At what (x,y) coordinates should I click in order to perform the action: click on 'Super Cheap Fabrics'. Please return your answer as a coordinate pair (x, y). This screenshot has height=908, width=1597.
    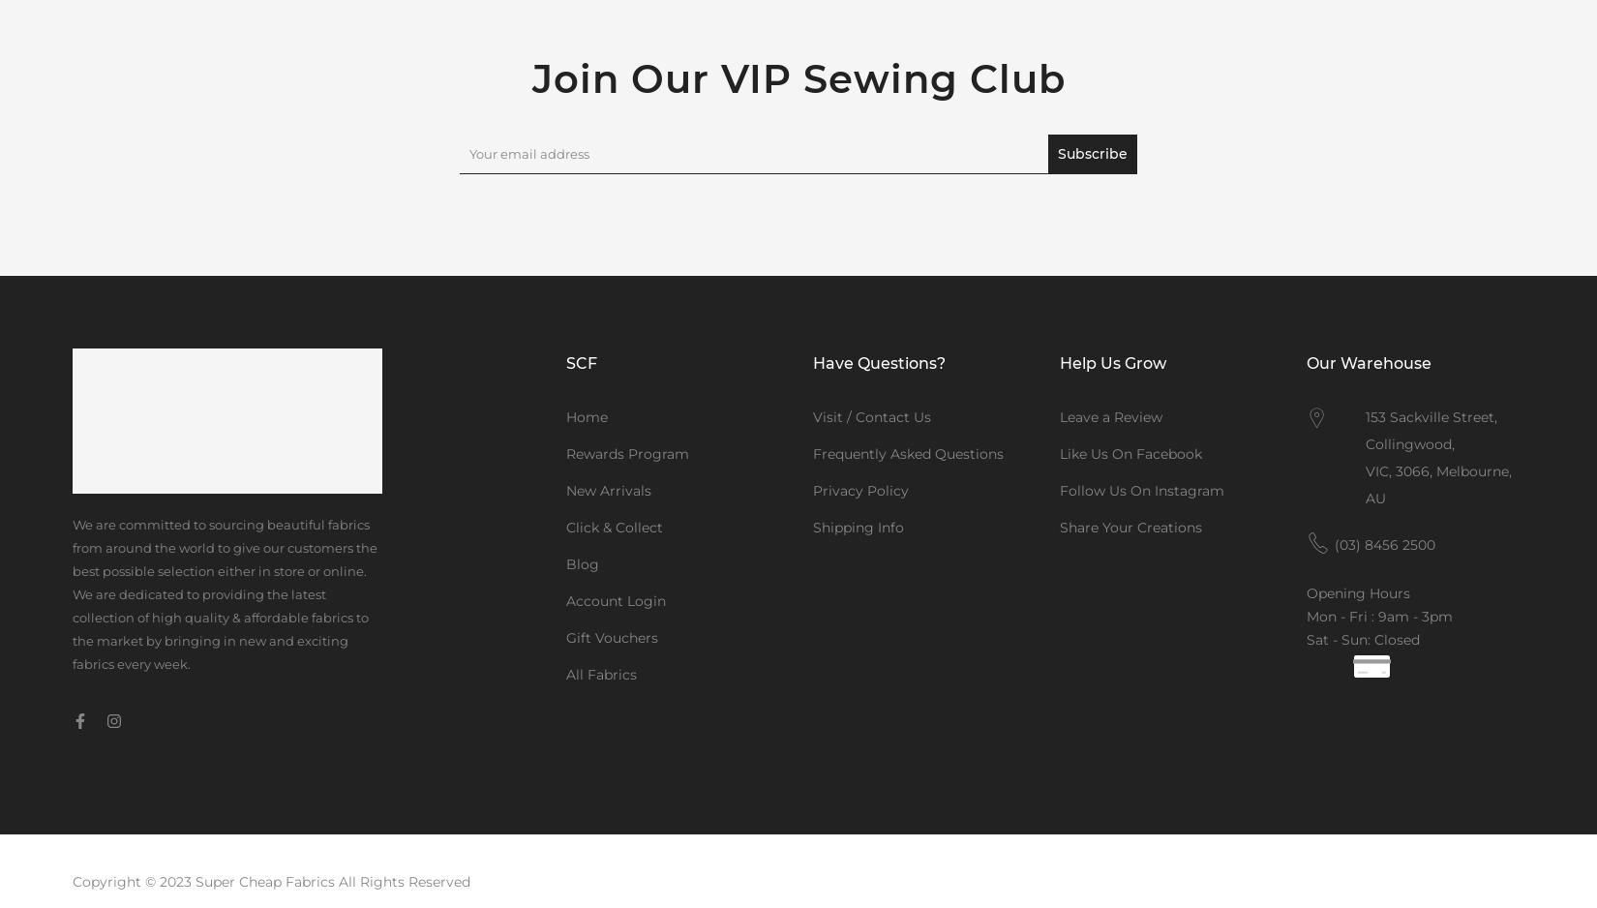
    Looking at the image, I should click on (267, 880).